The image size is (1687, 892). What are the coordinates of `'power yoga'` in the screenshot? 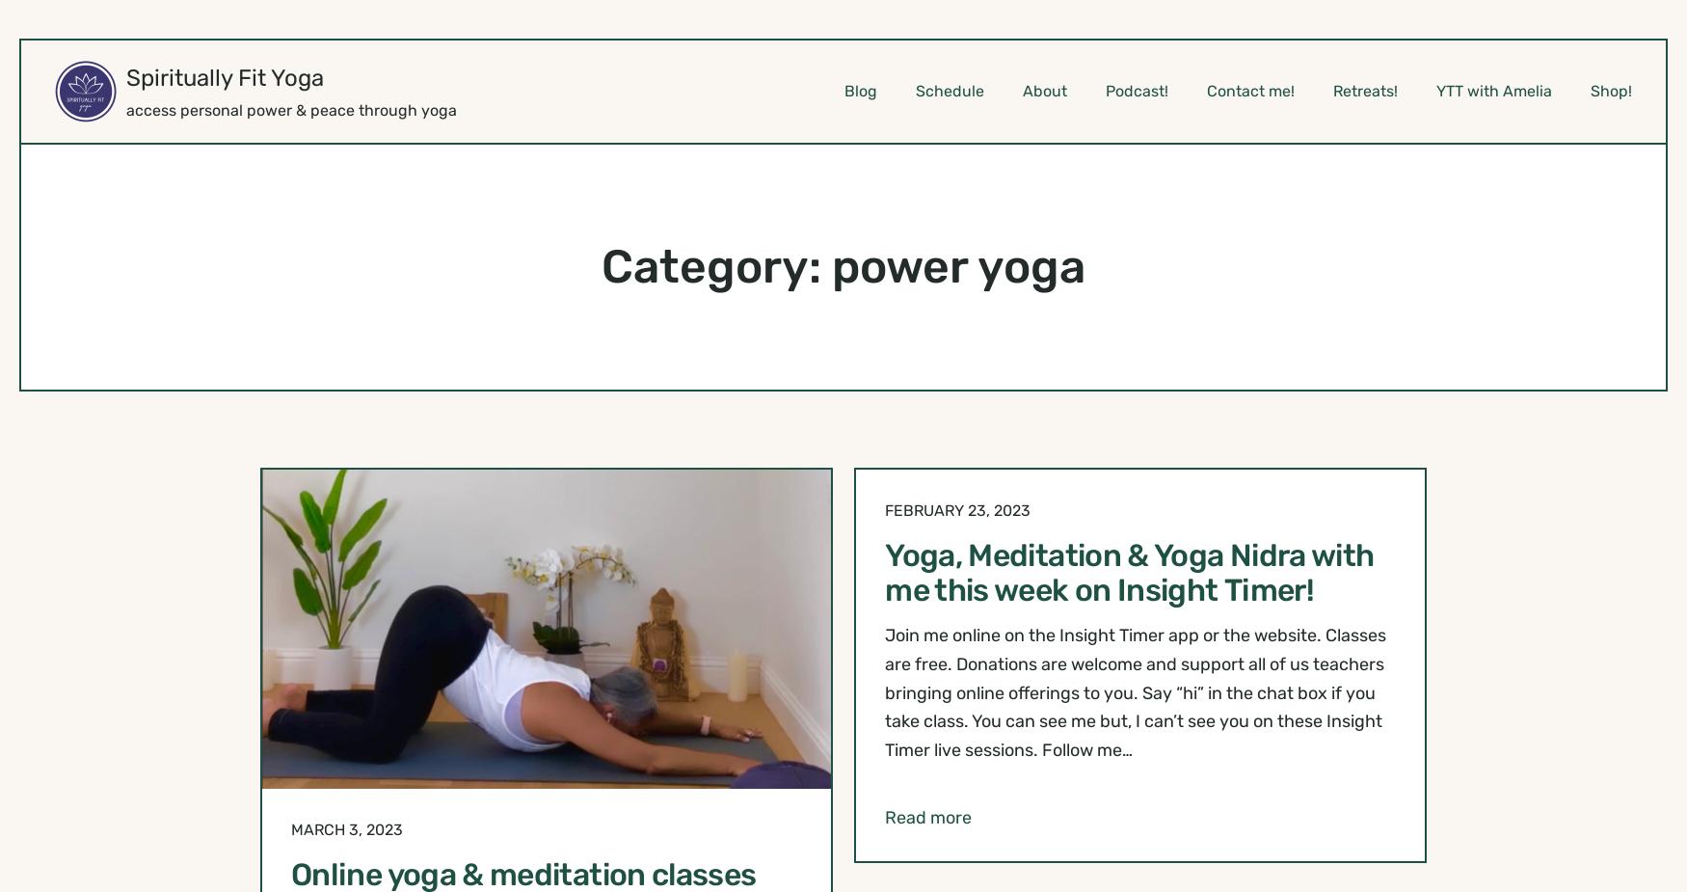 It's located at (958, 265).